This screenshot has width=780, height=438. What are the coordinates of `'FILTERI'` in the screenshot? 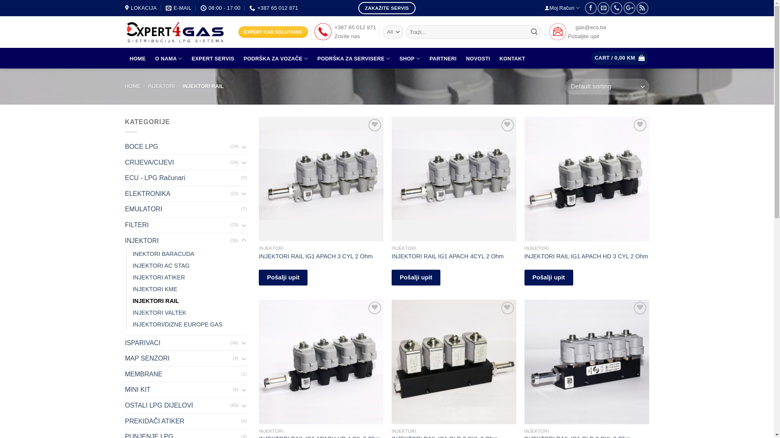 It's located at (177, 225).